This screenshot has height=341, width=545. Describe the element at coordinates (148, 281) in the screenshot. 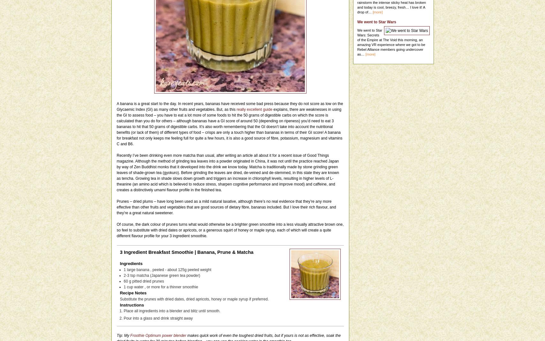

I see `'pitted dried prunes'` at that location.